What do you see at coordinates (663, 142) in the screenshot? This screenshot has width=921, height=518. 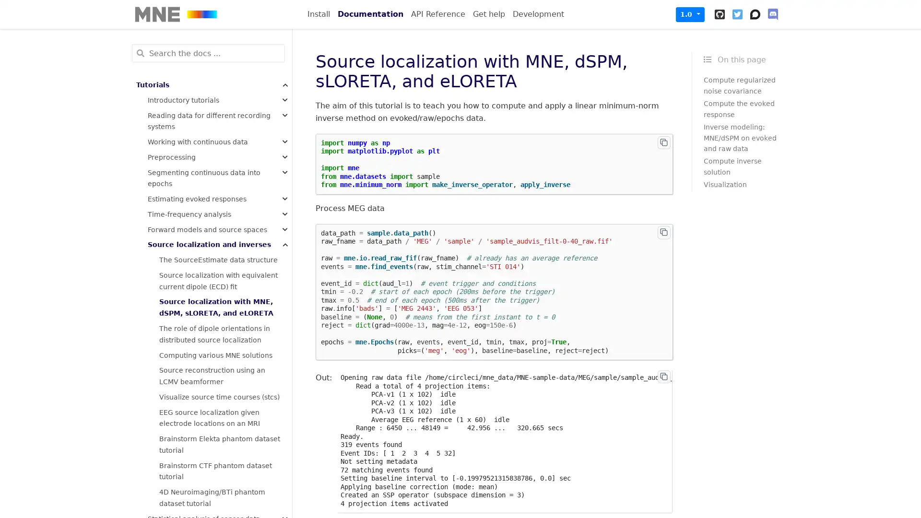 I see `Copy to clipboard` at bounding box center [663, 142].